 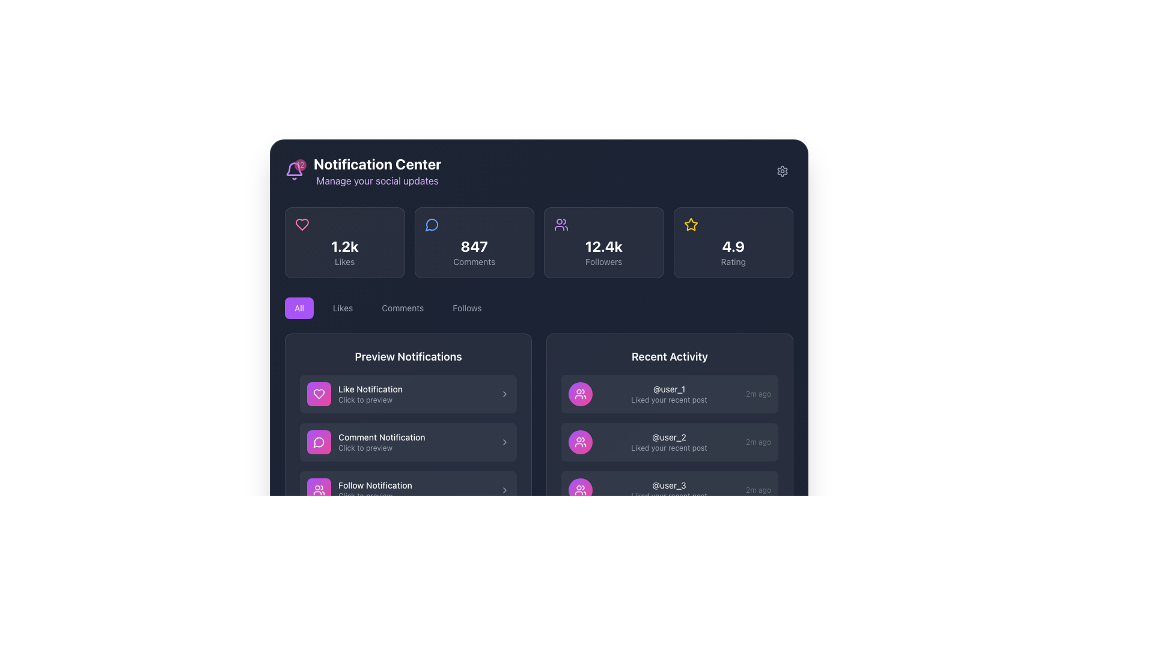 I want to click on the second Clickable notification card titled 'Comment Notification', so click(x=408, y=442).